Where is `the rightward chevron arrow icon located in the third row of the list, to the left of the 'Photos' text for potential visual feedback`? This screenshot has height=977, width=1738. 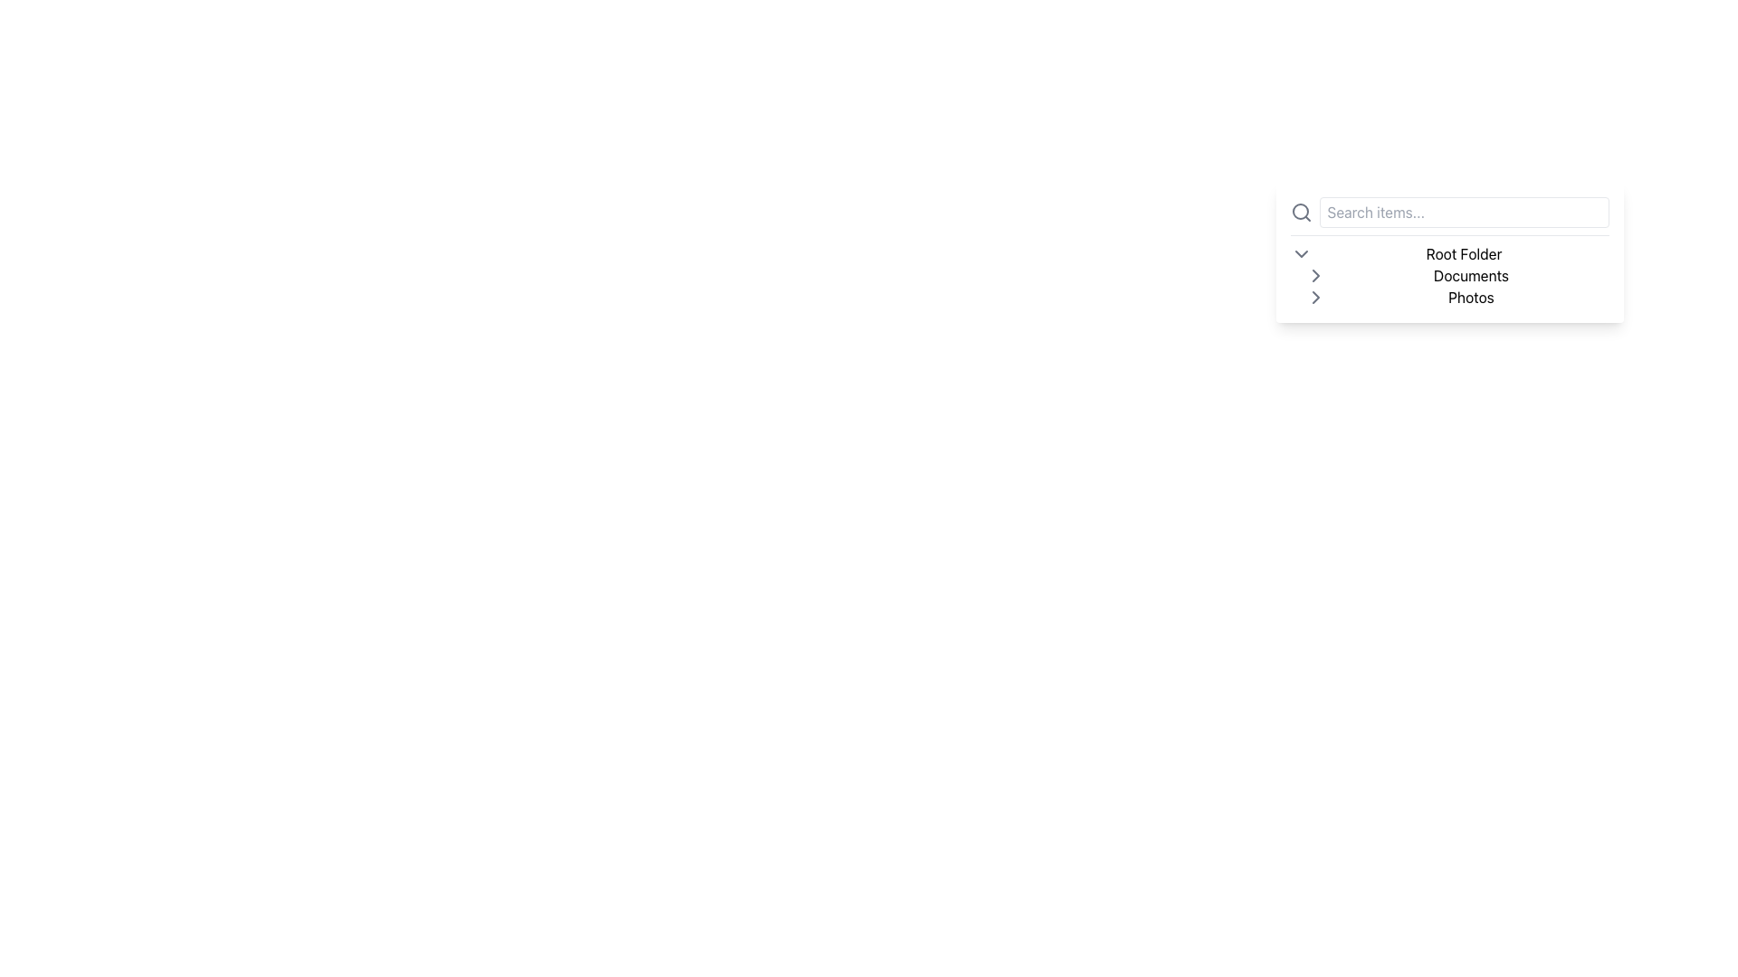
the rightward chevron arrow icon located in the third row of the list, to the left of the 'Photos' text for potential visual feedback is located at coordinates (1315, 296).